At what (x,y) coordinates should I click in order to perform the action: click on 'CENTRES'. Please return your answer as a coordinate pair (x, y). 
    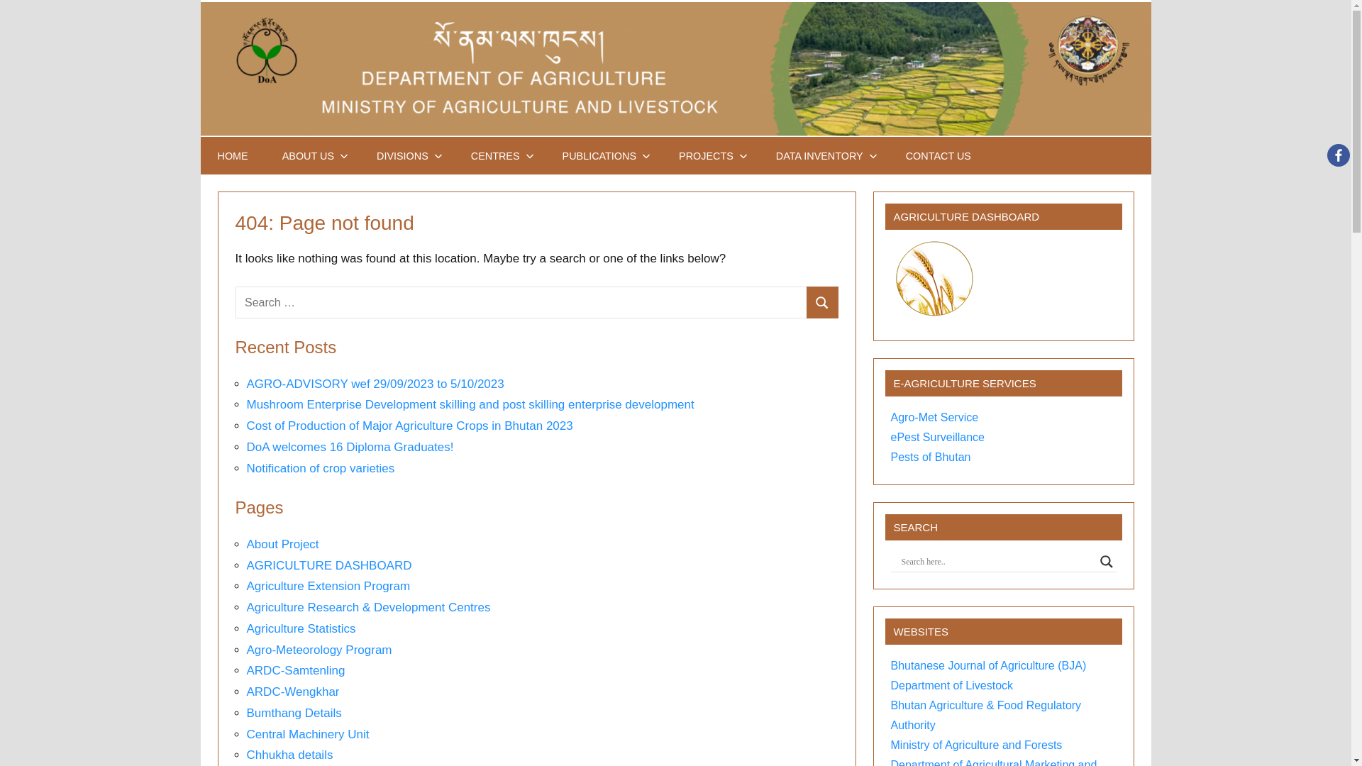
    Looking at the image, I should click on (453, 155).